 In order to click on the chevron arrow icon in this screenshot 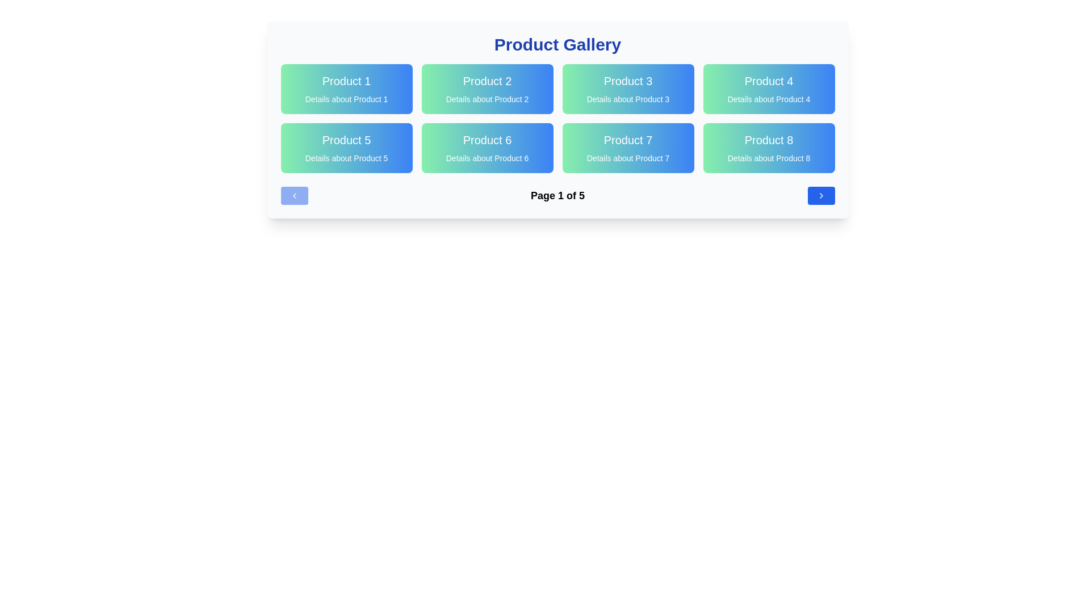, I will do `click(821, 195)`.